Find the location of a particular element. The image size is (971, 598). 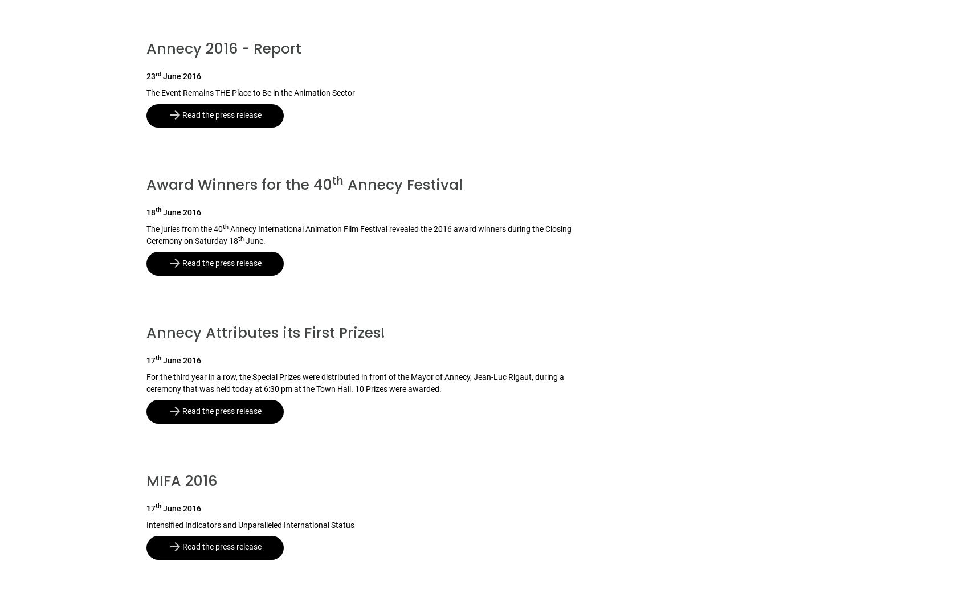

'Annecy 2016 - Report' is located at coordinates (223, 48).